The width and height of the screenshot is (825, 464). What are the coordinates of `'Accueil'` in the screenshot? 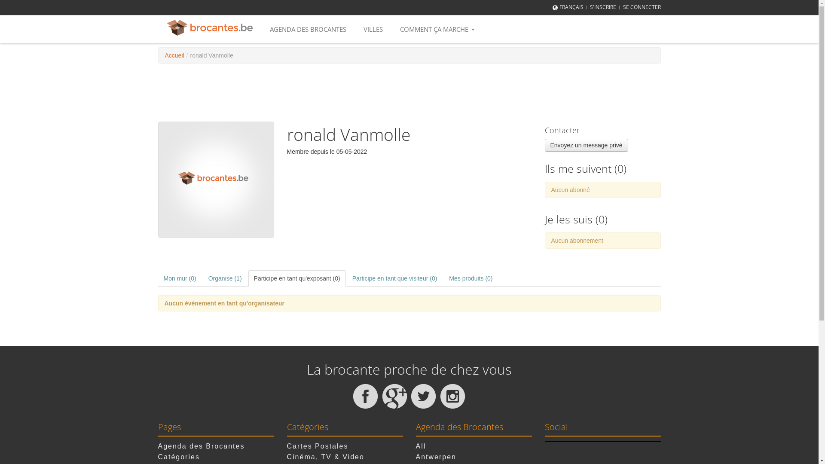 It's located at (174, 55).